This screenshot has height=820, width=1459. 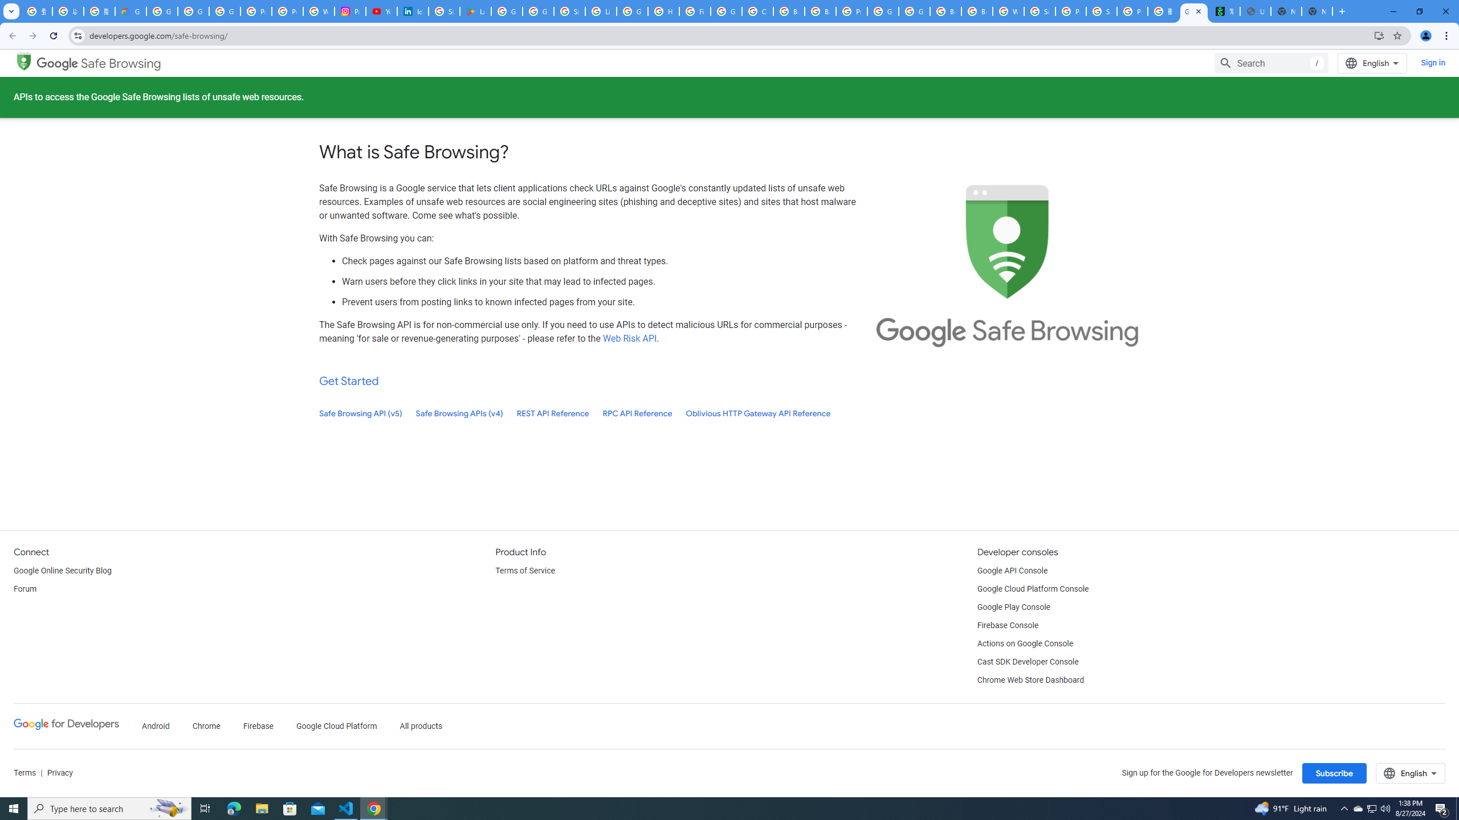 What do you see at coordinates (1027, 662) in the screenshot?
I see `'Cast SDK Developer Console'` at bounding box center [1027, 662].